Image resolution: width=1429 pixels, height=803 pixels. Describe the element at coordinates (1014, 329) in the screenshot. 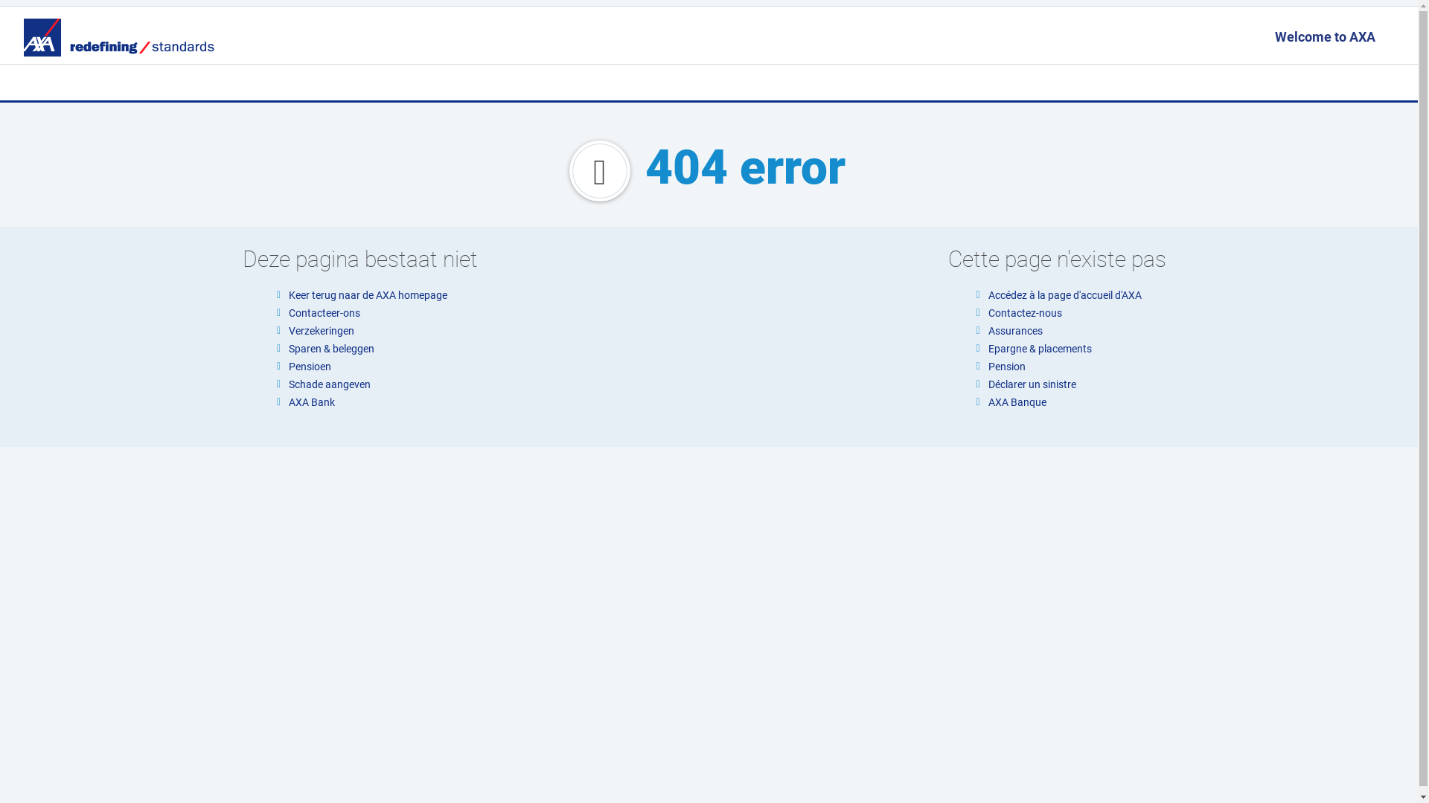

I see `'Assurances'` at that location.